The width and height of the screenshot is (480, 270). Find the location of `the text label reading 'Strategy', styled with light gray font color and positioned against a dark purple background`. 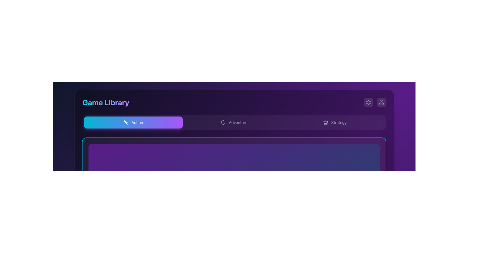

the text label reading 'Strategy', styled with light gray font color and positioned against a dark purple background is located at coordinates (339, 122).